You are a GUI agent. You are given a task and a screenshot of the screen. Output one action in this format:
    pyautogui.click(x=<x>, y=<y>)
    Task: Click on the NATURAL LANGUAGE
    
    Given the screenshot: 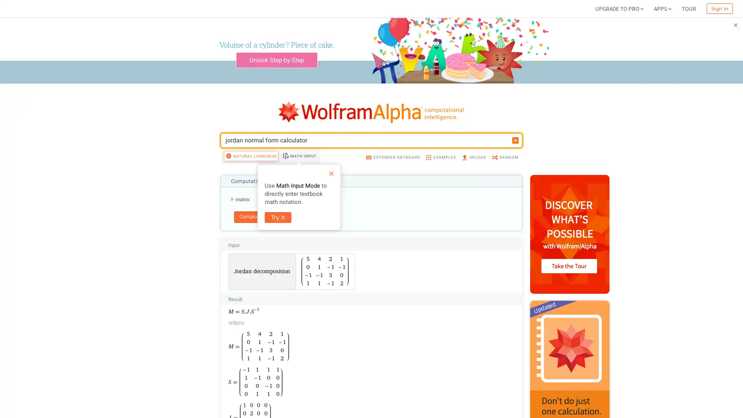 What is the action you would take?
    pyautogui.click(x=251, y=156)
    